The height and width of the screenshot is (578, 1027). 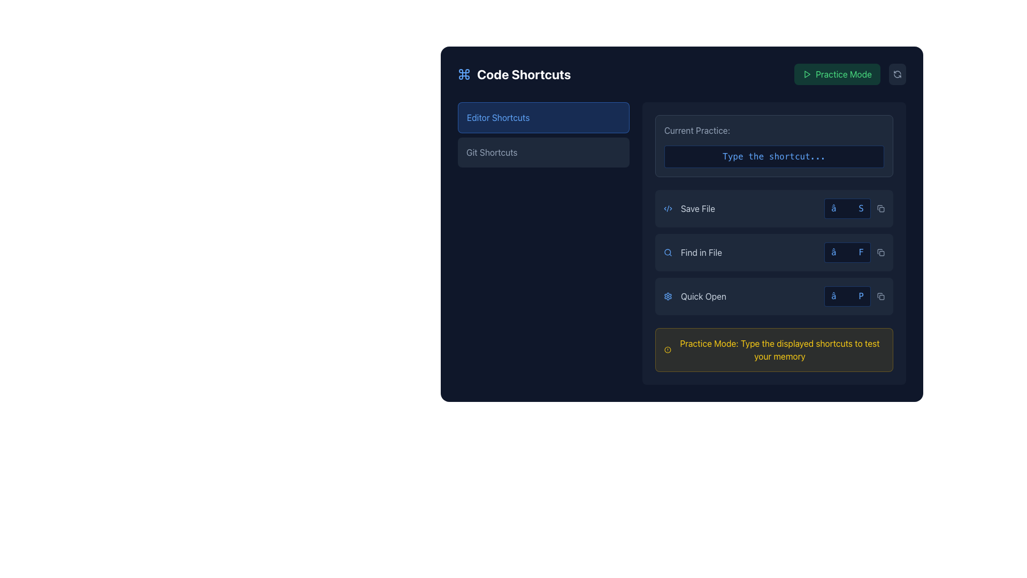 What do you see at coordinates (689, 208) in the screenshot?
I see `the 'Save File' label with icon` at bounding box center [689, 208].